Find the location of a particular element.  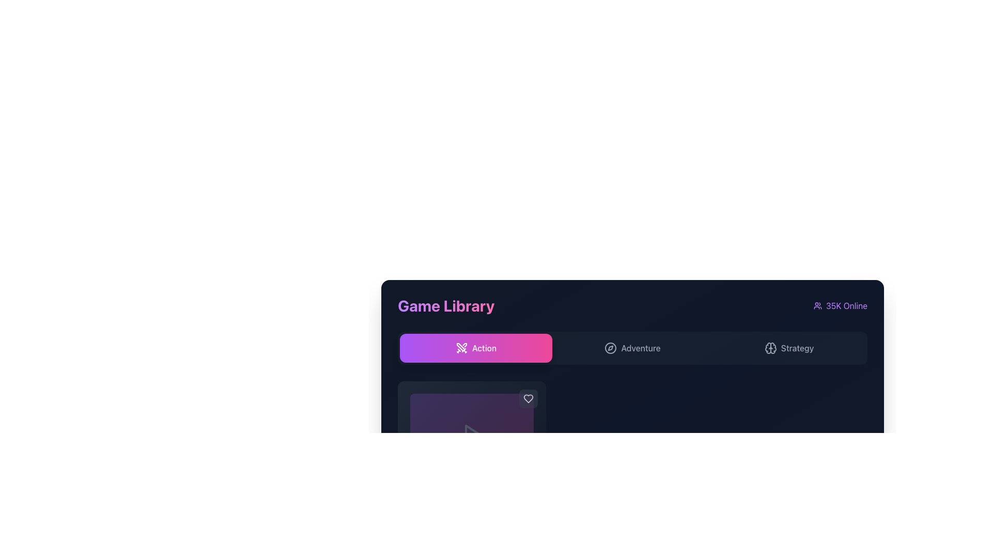

the decorative icon associated with the 'Adventure' menu item, located between the 'Action' and 'Strategy' menu items is located at coordinates (611, 348).